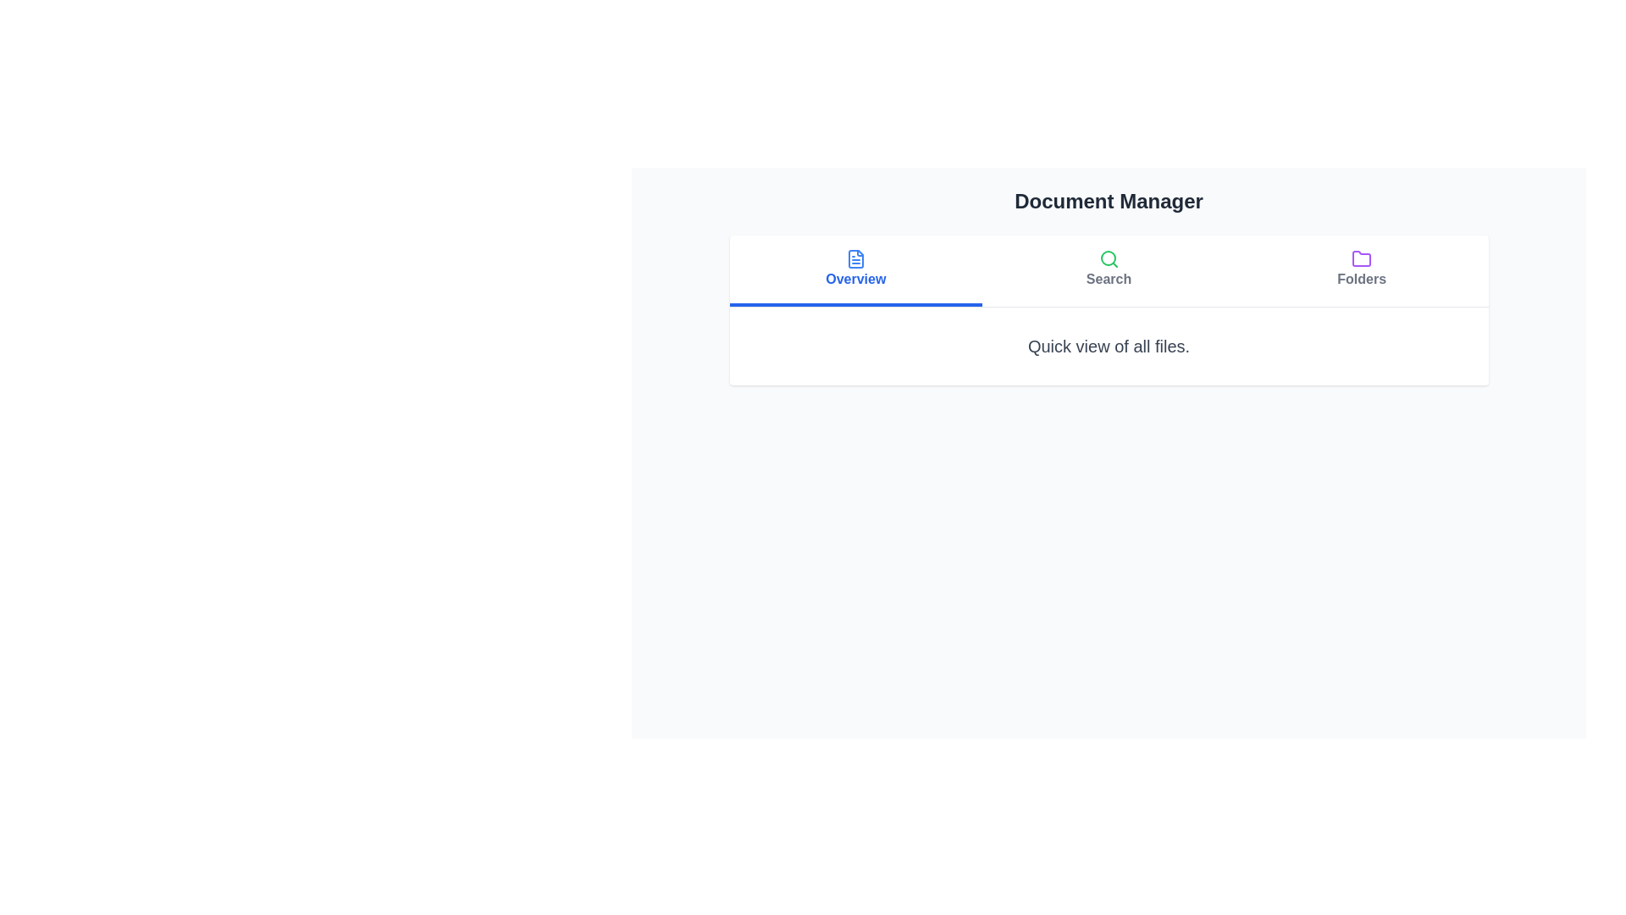 This screenshot has height=915, width=1626. Describe the element at coordinates (1108, 258) in the screenshot. I see `the circular outline within the search icon` at that location.